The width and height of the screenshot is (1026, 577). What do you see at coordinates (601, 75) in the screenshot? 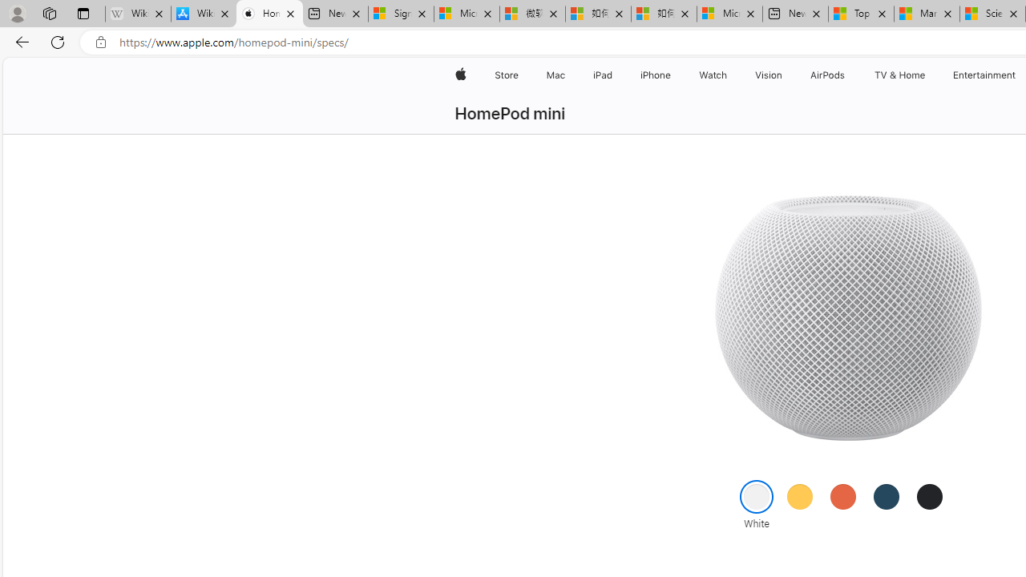
I see `'iPad'` at bounding box center [601, 75].